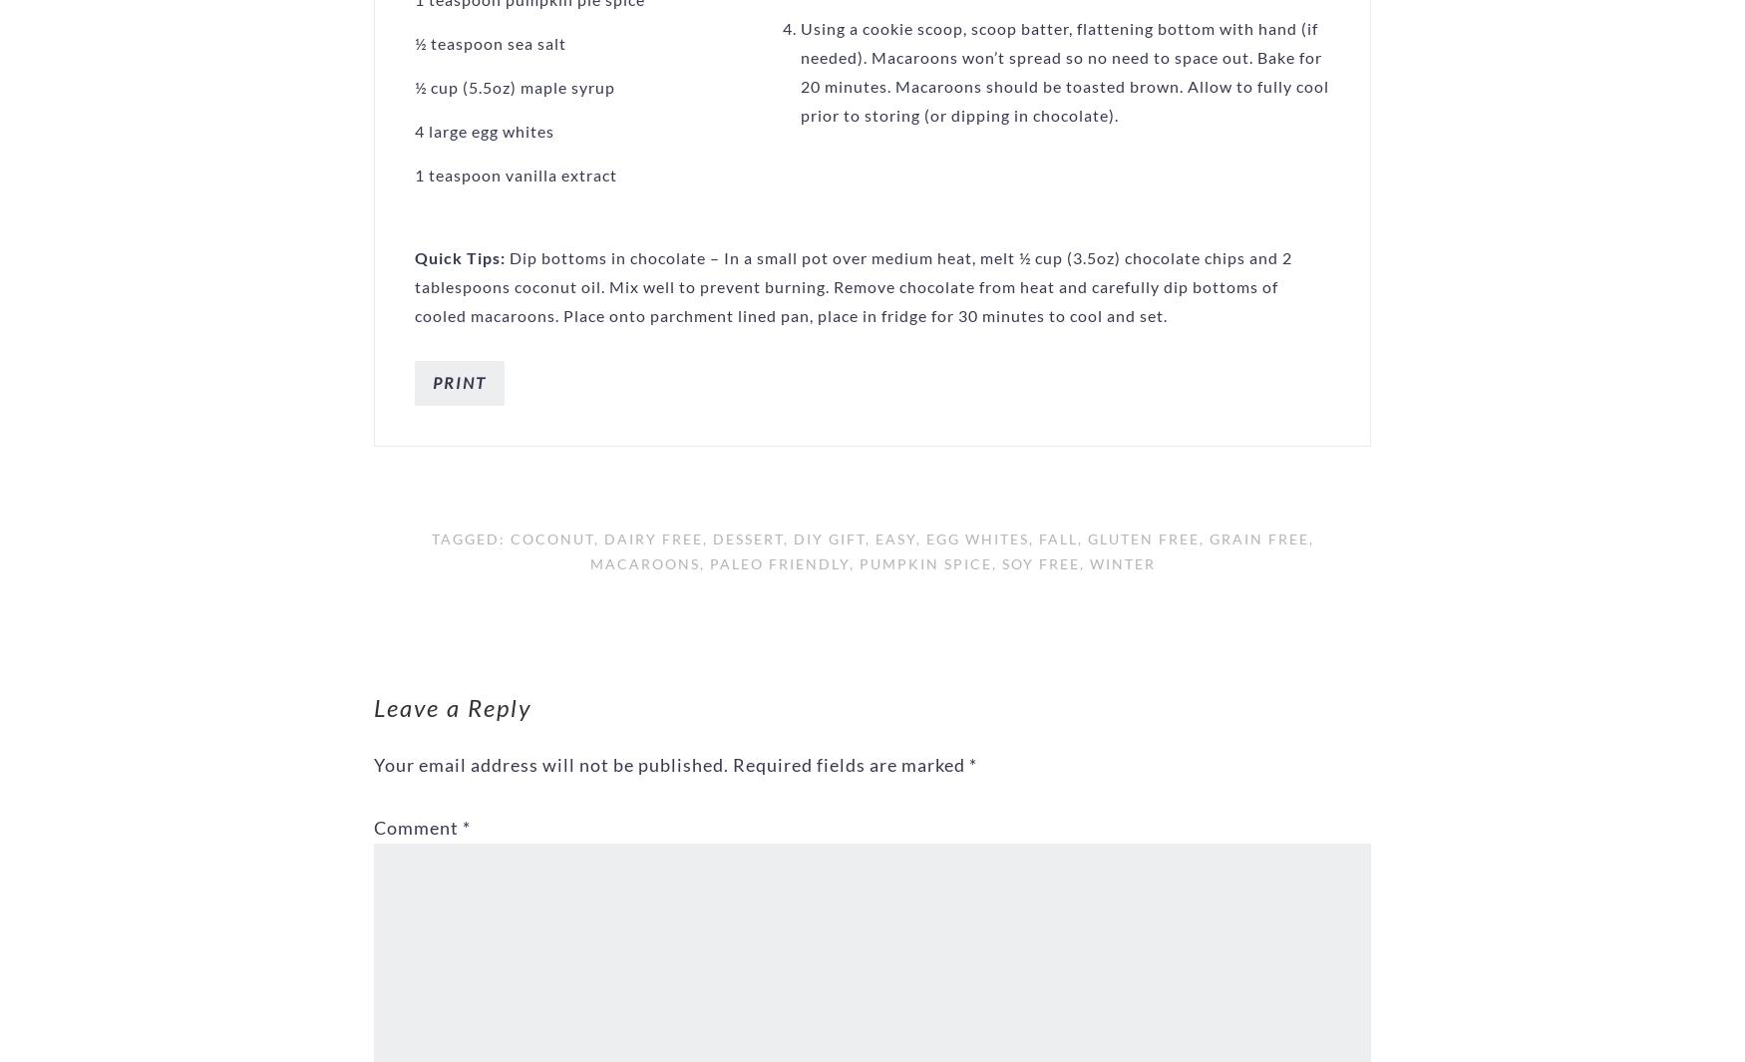 The height and width of the screenshot is (1062, 1745). I want to click on 'Quick Tips:', so click(460, 256).